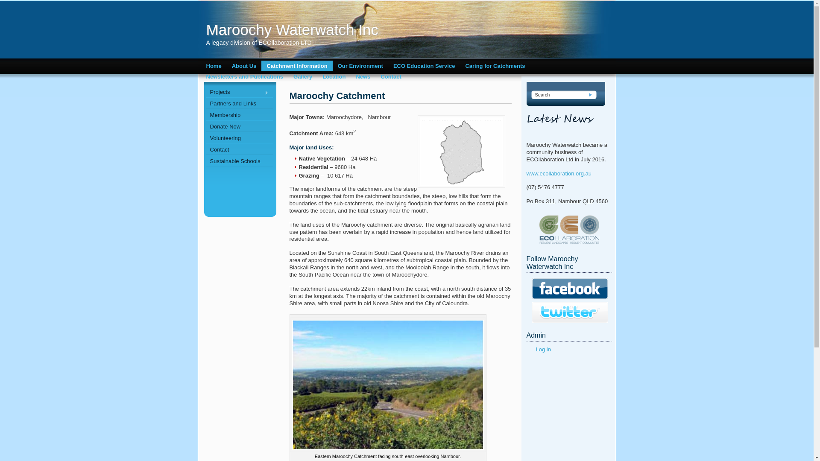 The height and width of the screenshot is (461, 820). I want to click on 'catchment map', so click(461, 151).